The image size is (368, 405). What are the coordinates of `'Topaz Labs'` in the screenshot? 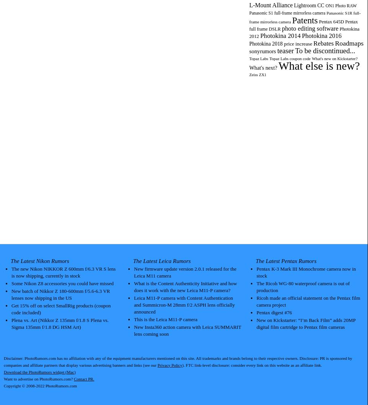 It's located at (258, 58).